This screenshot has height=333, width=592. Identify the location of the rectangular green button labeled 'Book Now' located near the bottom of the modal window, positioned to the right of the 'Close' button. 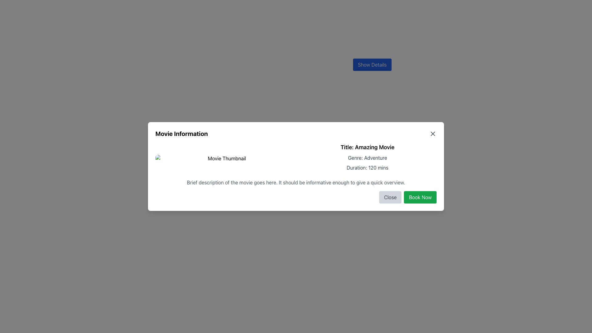
(420, 197).